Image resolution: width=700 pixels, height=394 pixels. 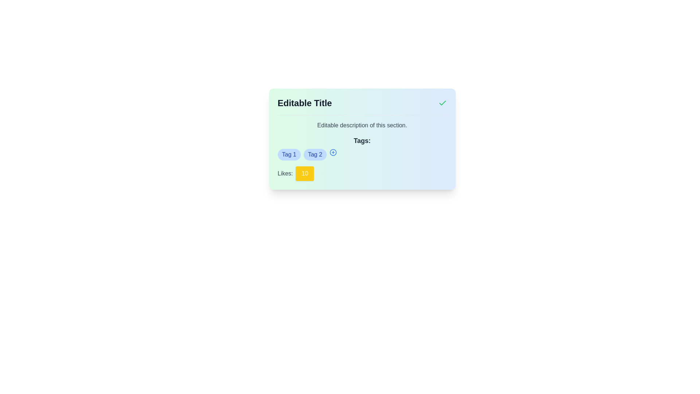 What do you see at coordinates (315, 154) in the screenshot?
I see `the second tag label positioned under the 'Tags:' label to interact with it` at bounding box center [315, 154].